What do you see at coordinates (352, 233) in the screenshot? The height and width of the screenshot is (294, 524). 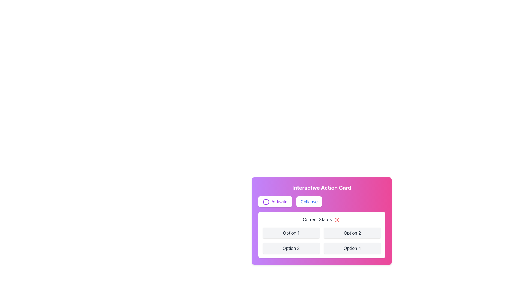 I see `the button labeled 'Option 2' located in the top-right quadrant of a two-by-two grid` at bounding box center [352, 233].